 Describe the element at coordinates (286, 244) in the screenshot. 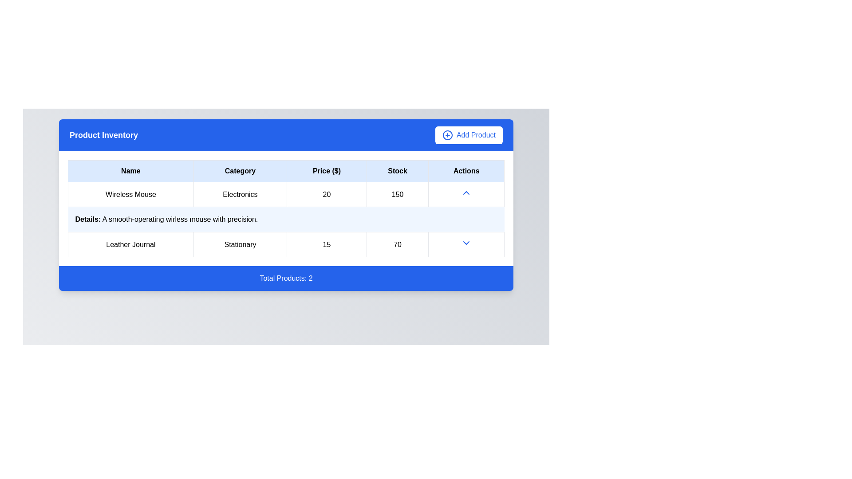

I see `to select the second row of the table displaying 'Leather Journal' in the Name column, 'Stationary' in the Category column, '15' in the Price column, '70' in the Stock column, and a dropdown arrow in the Actions column` at that location.